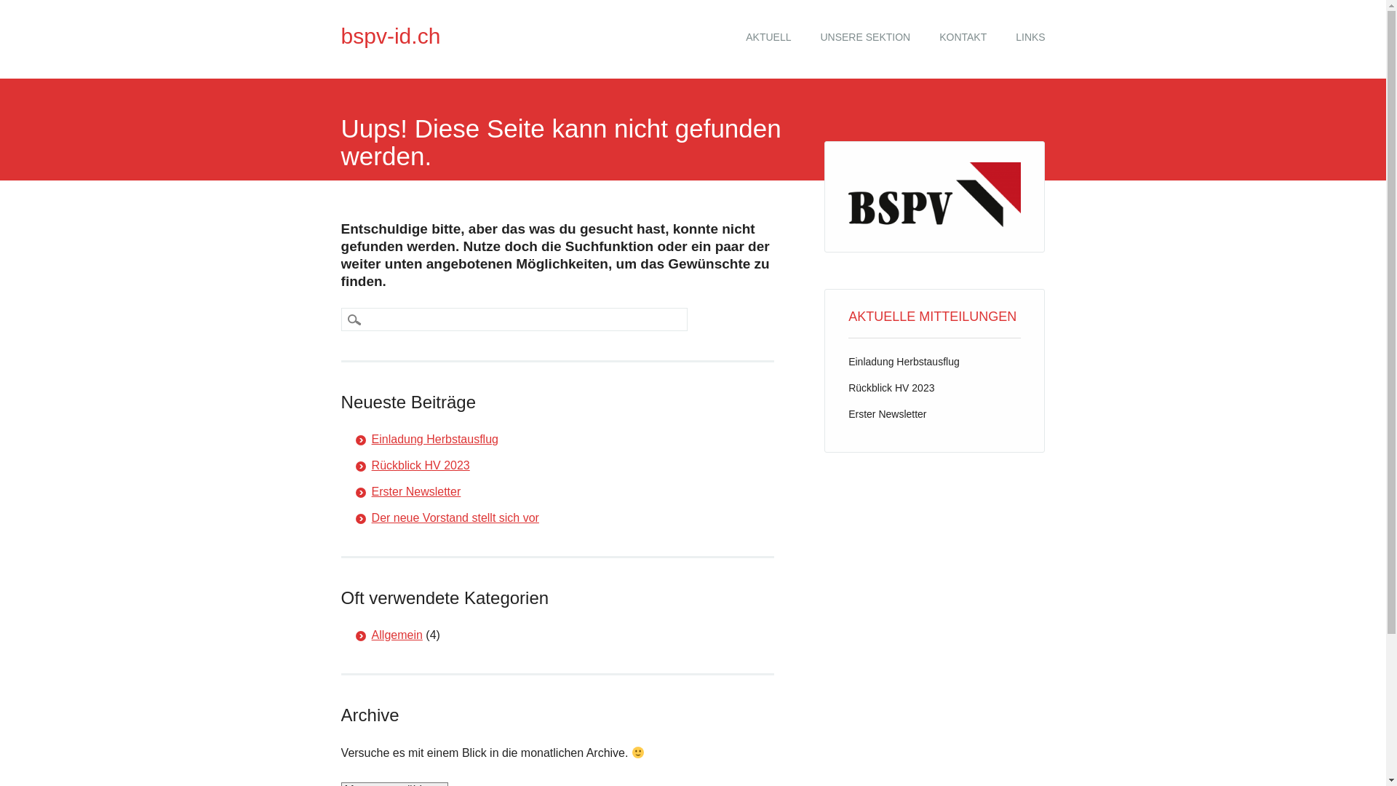 Image resolution: width=1397 pixels, height=786 pixels. What do you see at coordinates (371, 634) in the screenshot?
I see `'Allgemein'` at bounding box center [371, 634].